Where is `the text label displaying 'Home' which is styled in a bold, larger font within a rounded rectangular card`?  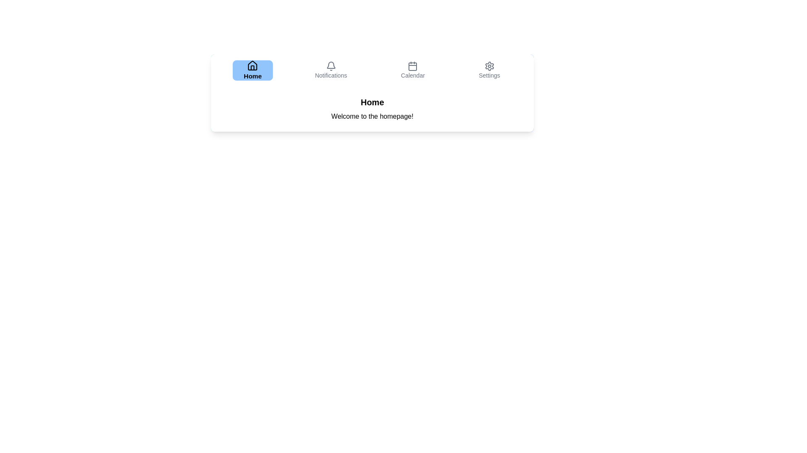 the text label displaying 'Home' which is styled in a bold, larger font within a rounded rectangular card is located at coordinates (372, 102).